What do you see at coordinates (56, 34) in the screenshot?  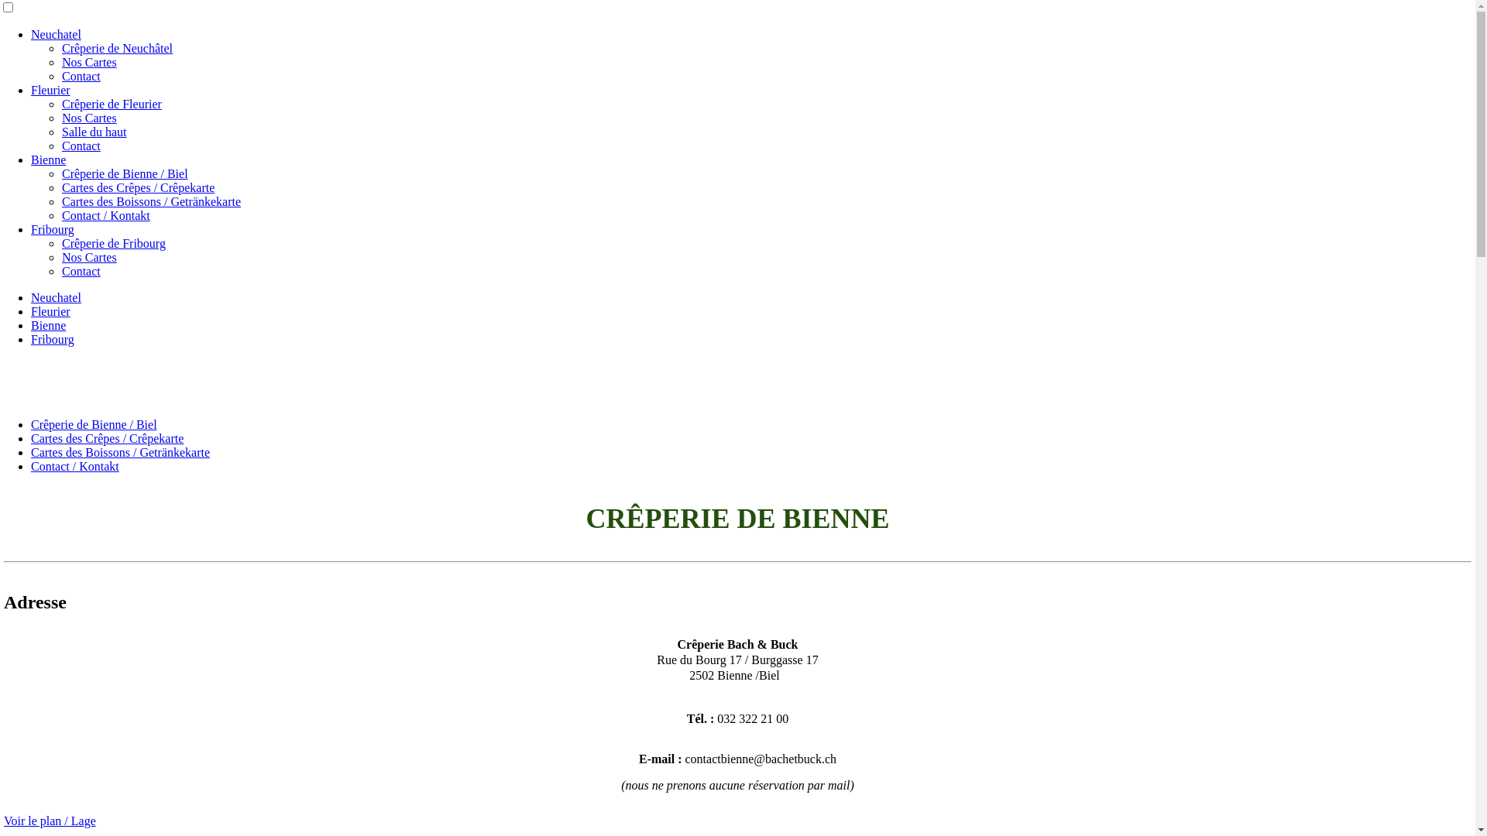 I see `'Neuchatel'` at bounding box center [56, 34].